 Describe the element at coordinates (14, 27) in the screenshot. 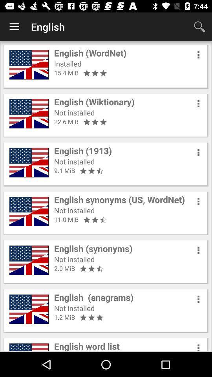

I see `the item next to english icon` at that location.